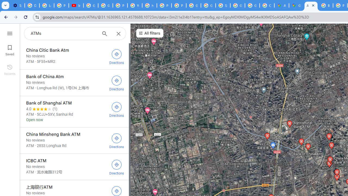  I want to click on 'Get directions to China Citic Bank Atm', so click(116, 56).